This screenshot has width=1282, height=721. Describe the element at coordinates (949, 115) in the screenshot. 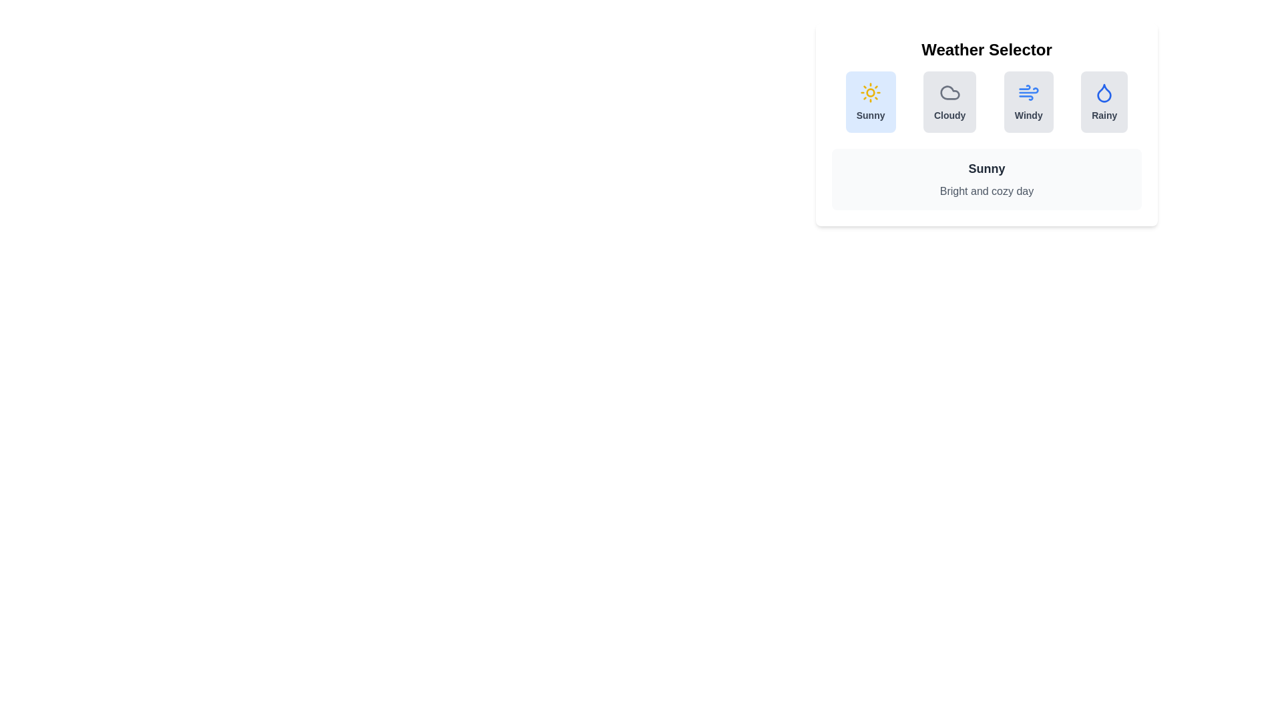

I see `the 'Cloudy' weather option text label, which is located beneath the cloud icon in the second weather card of the Weather Selector` at that location.